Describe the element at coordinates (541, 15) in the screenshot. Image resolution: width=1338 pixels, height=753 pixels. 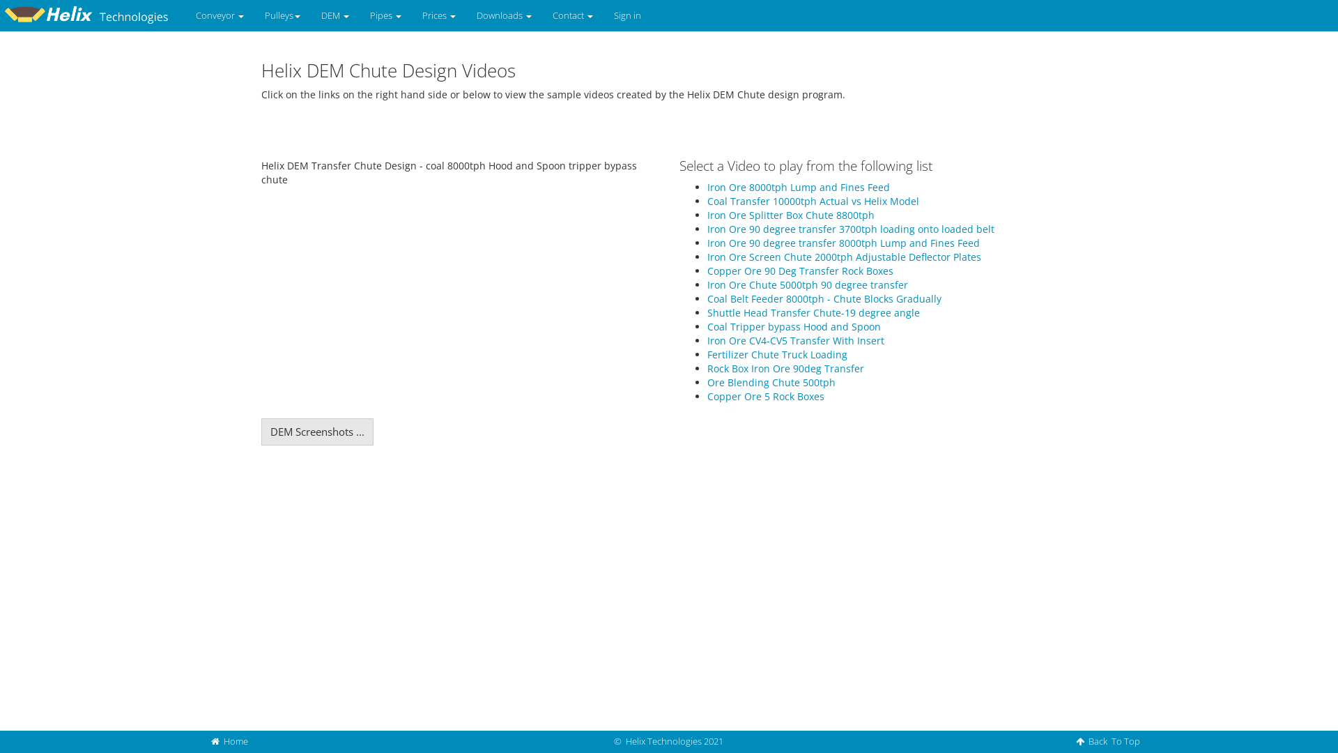
I see `'Contact '` at that location.